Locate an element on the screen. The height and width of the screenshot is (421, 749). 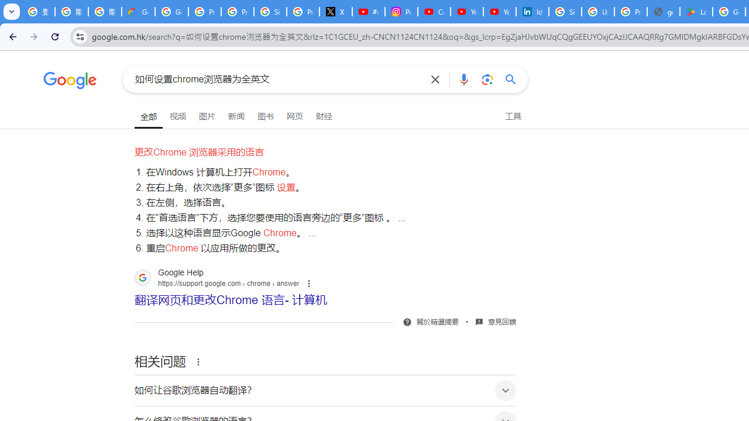
'Last Shelter: Survival - Apps on Google Play' is located at coordinates (696, 12).